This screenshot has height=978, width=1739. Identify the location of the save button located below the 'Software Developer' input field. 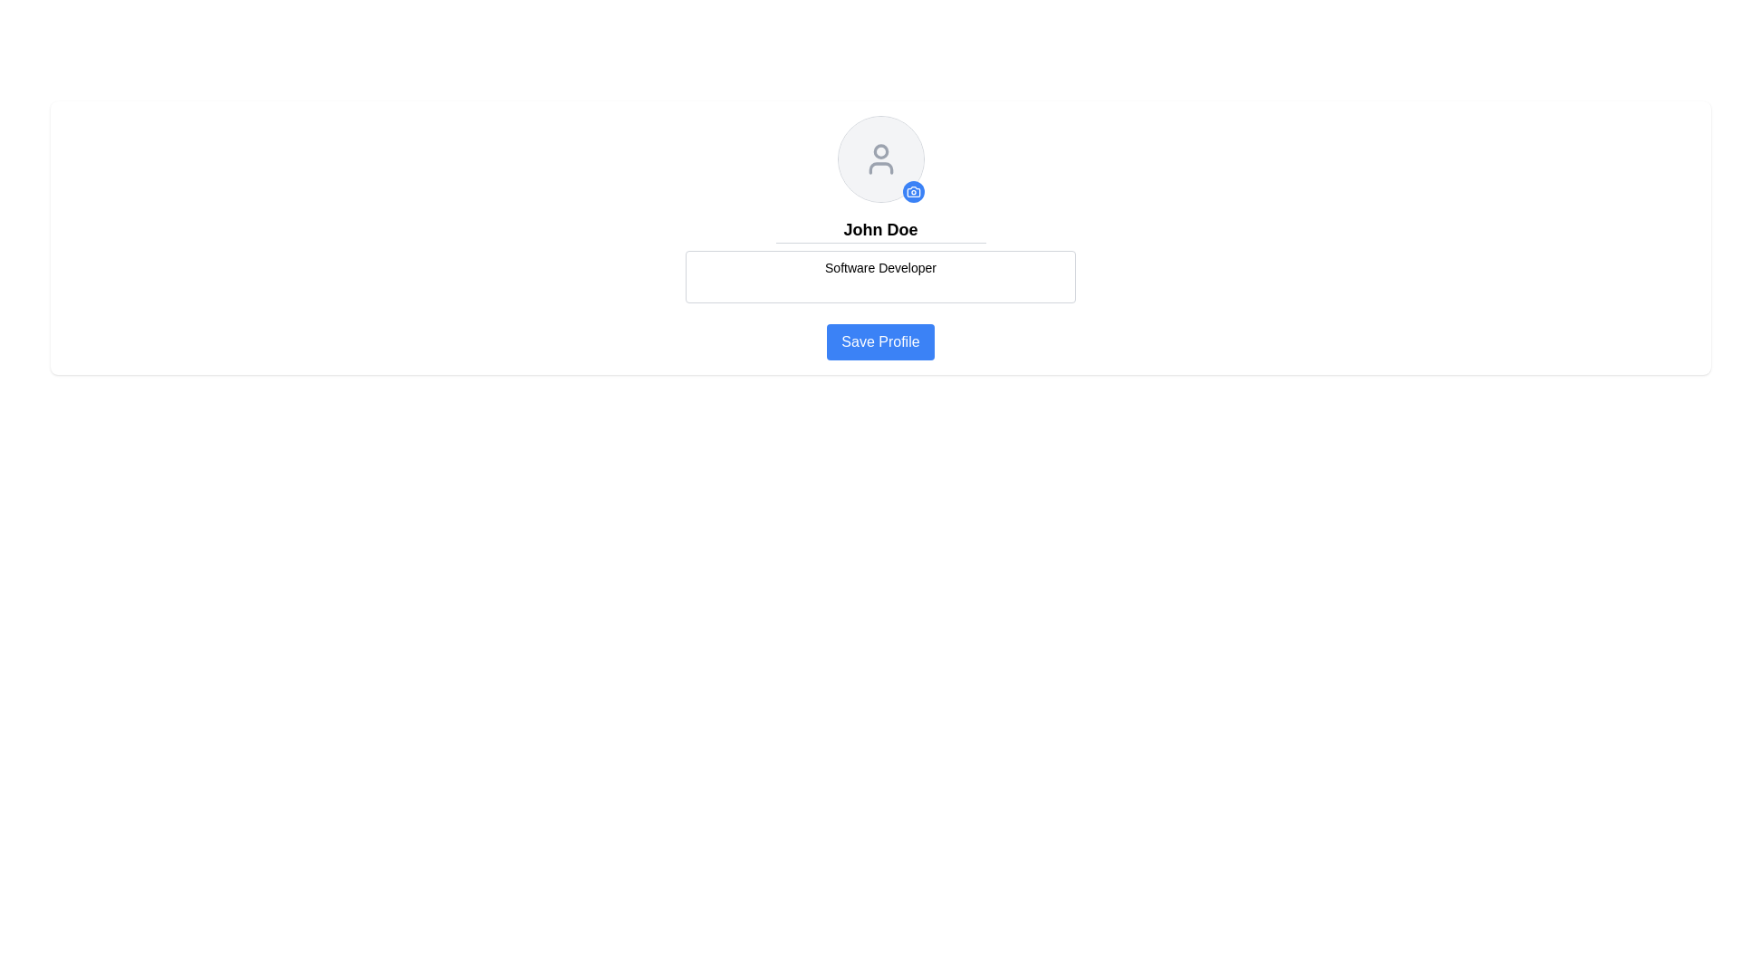
(880, 342).